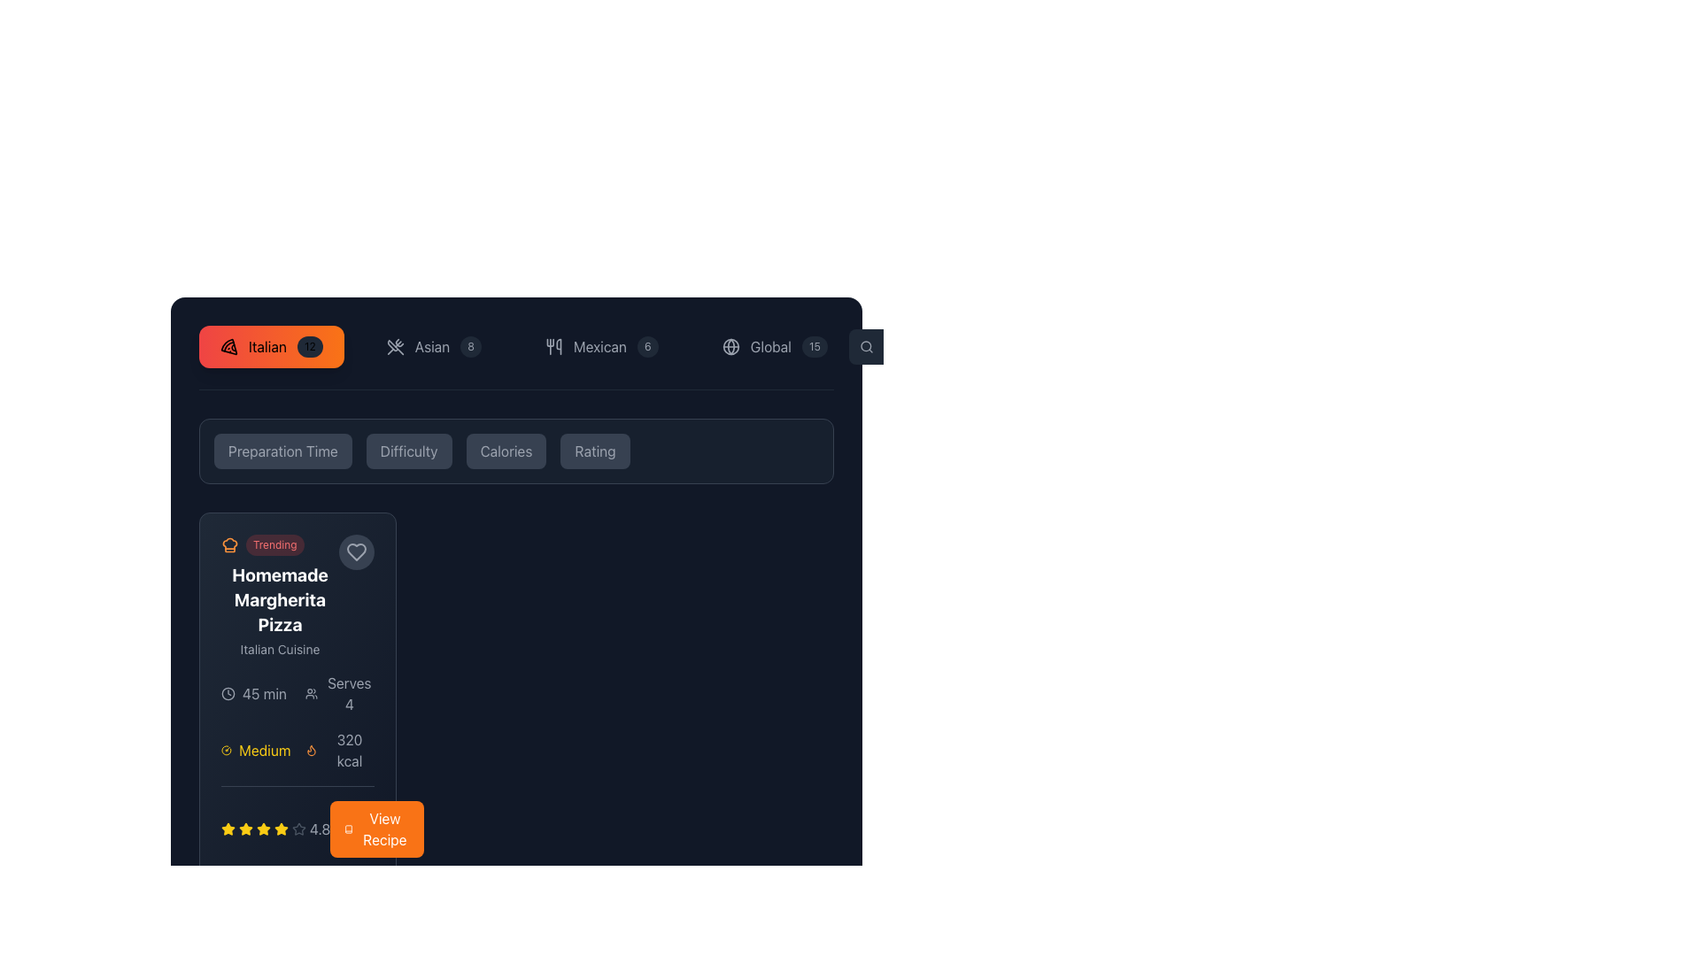 Image resolution: width=1700 pixels, height=956 pixels. I want to click on the pizza slice SVG icon, which is styled minimally with dark outlines and positioned in the top-left region of the Italian cuisine section, so click(228, 347).